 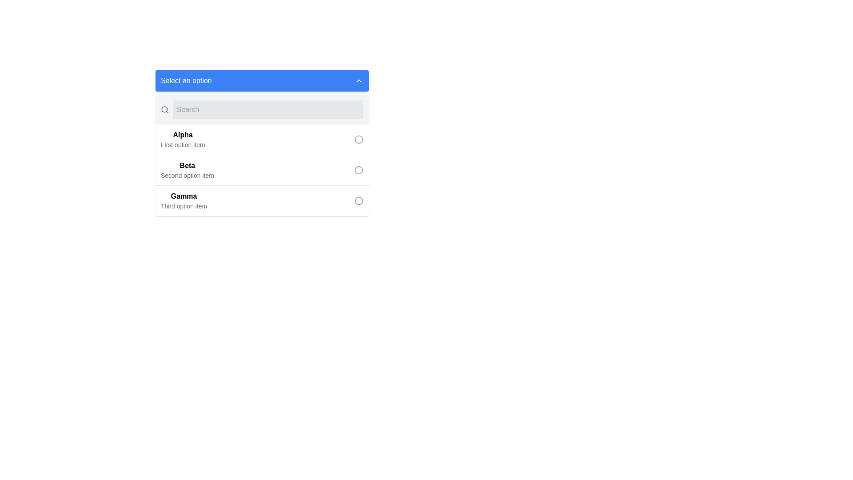 What do you see at coordinates (359, 80) in the screenshot?
I see `the small upward-facing chevron icon button located in the blue header section labeled 'Select an option'` at bounding box center [359, 80].